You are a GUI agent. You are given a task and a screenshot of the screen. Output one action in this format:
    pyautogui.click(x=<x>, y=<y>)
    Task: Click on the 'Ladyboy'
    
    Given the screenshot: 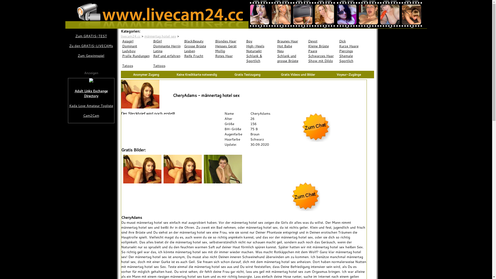 What is the action you would take?
    pyautogui.click(x=136, y=51)
    